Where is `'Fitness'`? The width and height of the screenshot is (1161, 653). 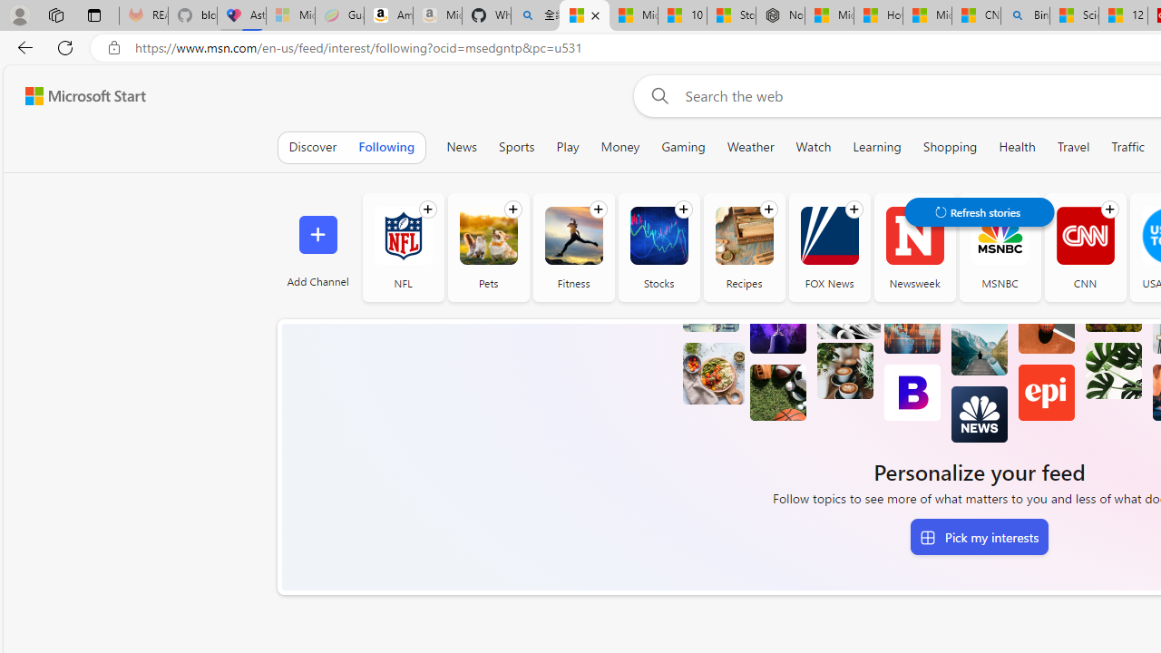 'Fitness' is located at coordinates (572, 235).